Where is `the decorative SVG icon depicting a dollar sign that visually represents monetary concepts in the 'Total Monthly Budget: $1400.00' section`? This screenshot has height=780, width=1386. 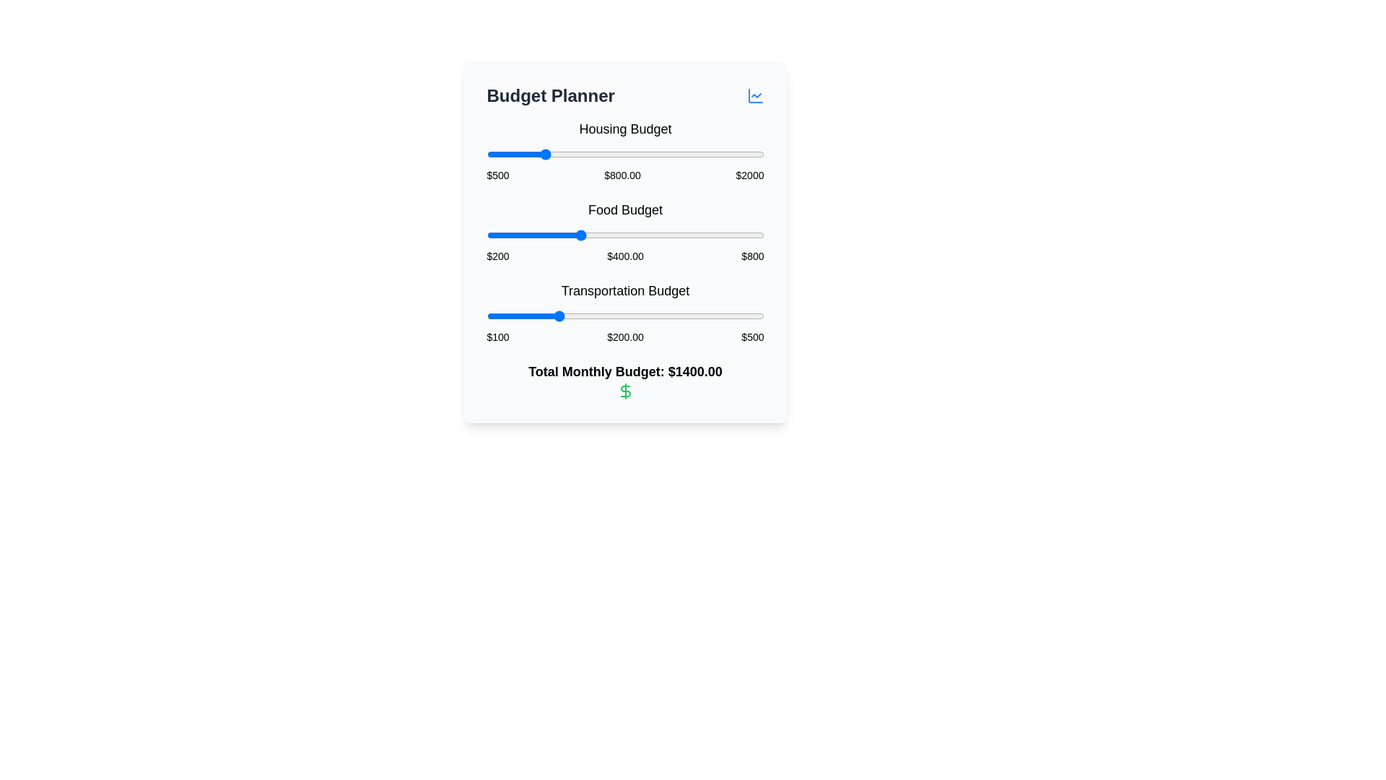
the decorative SVG icon depicting a dollar sign that visually represents monetary concepts in the 'Total Monthly Budget: $1400.00' section is located at coordinates (625, 391).